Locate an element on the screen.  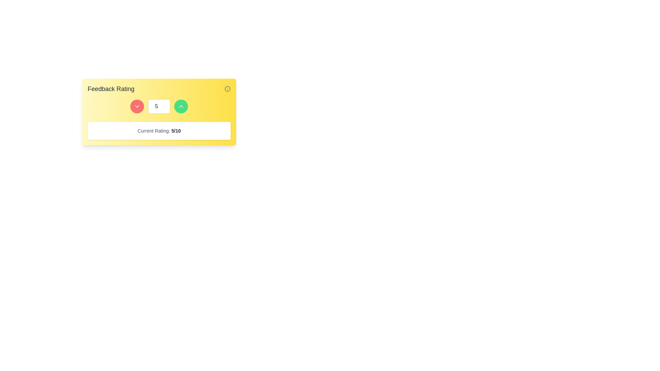
the decrement button with a downward arrow icon, which is located to the left of the numeric input field displaying '5', to change its visual style is located at coordinates (137, 106).